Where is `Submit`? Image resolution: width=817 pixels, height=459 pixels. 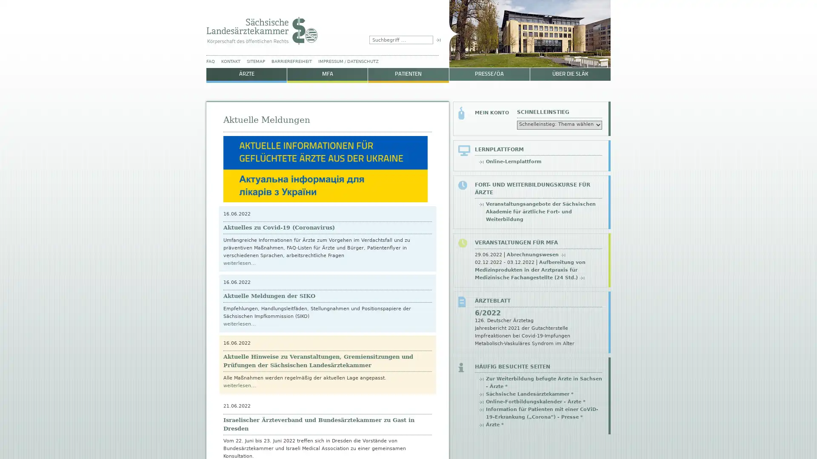 Submit is located at coordinates (437, 40).